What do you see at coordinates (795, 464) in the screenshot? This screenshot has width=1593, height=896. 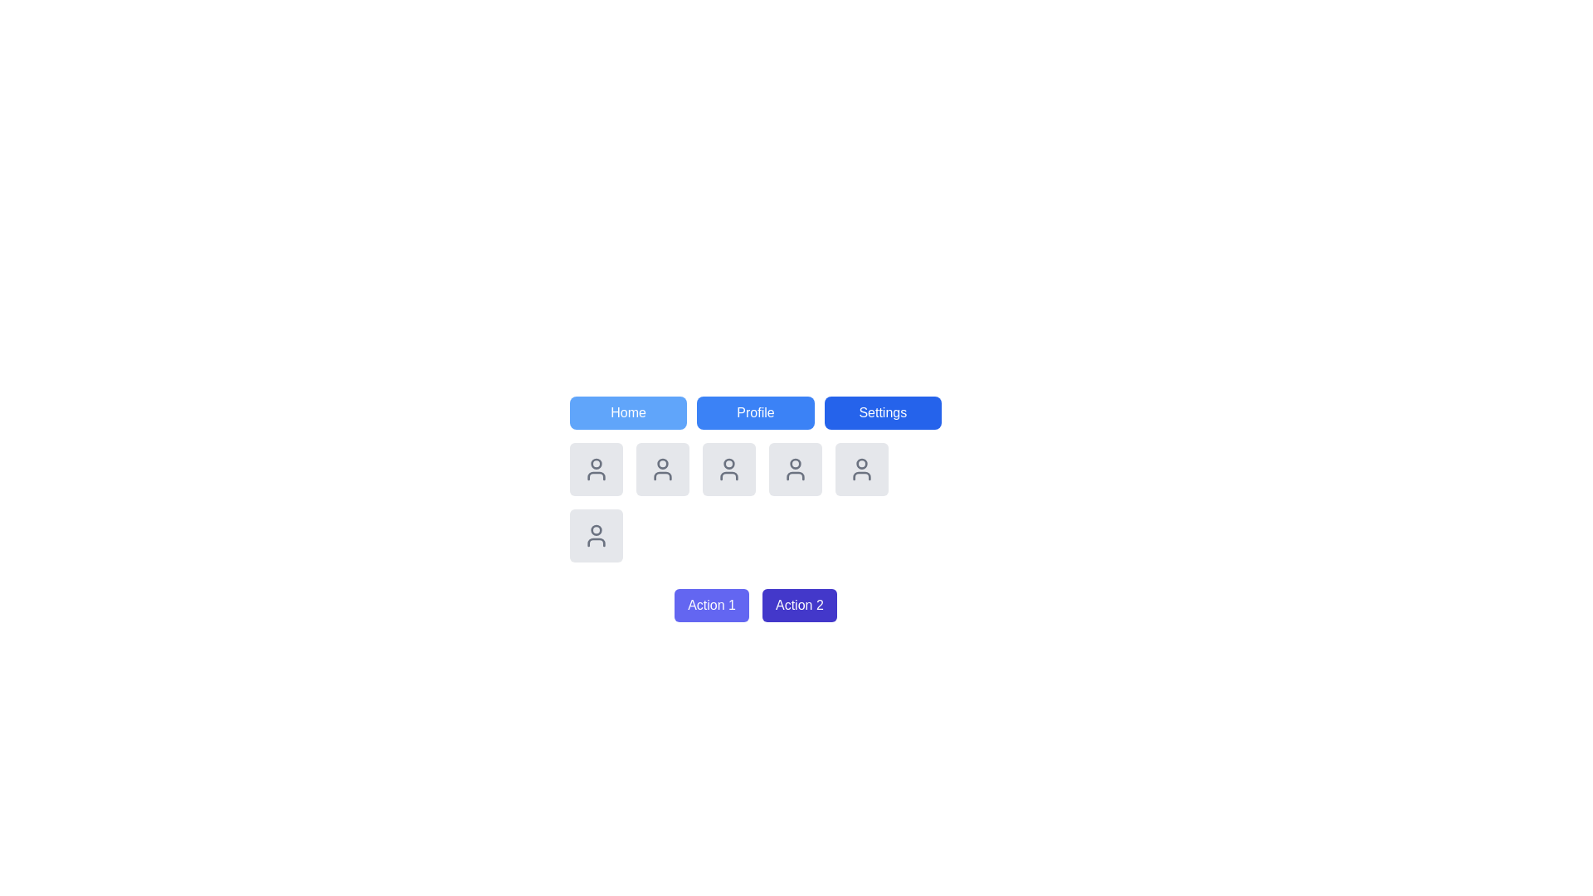 I see `the circular graphic element within the user icon located in the second row and third column of the grid` at bounding box center [795, 464].